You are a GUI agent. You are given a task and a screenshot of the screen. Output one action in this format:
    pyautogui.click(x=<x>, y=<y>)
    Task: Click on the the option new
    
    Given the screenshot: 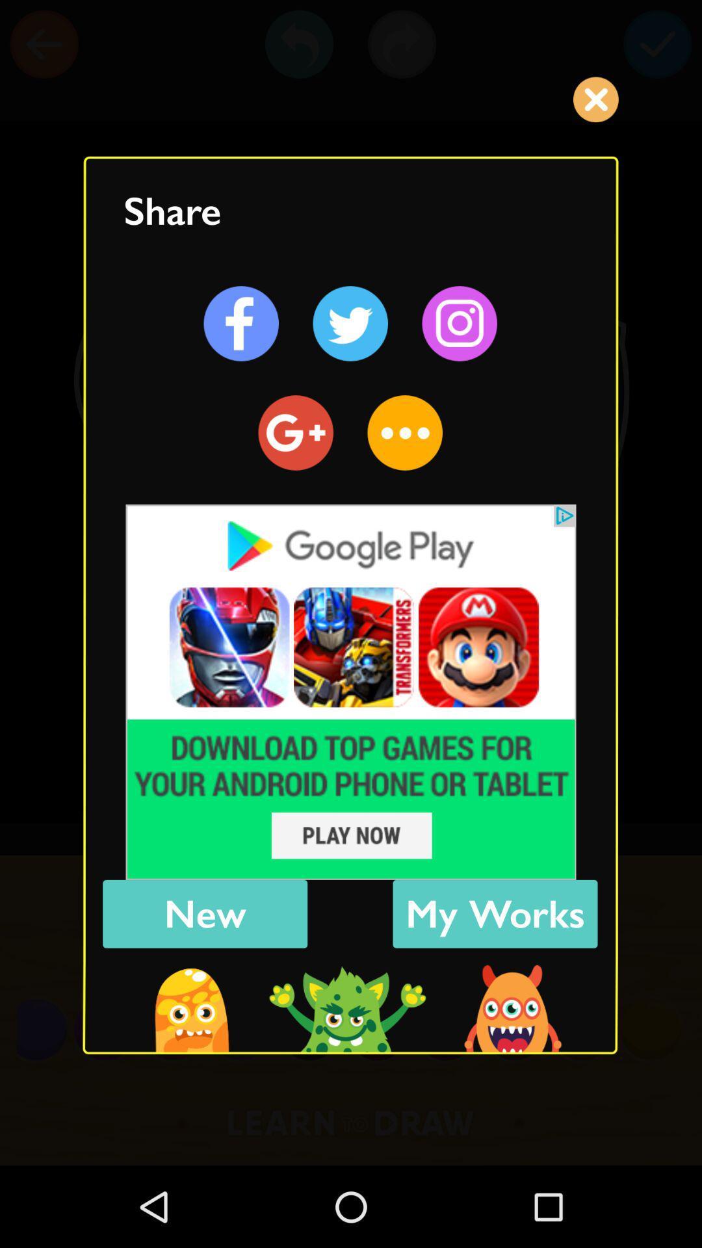 What is the action you would take?
    pyautogui.click(x=205, y=913)
    